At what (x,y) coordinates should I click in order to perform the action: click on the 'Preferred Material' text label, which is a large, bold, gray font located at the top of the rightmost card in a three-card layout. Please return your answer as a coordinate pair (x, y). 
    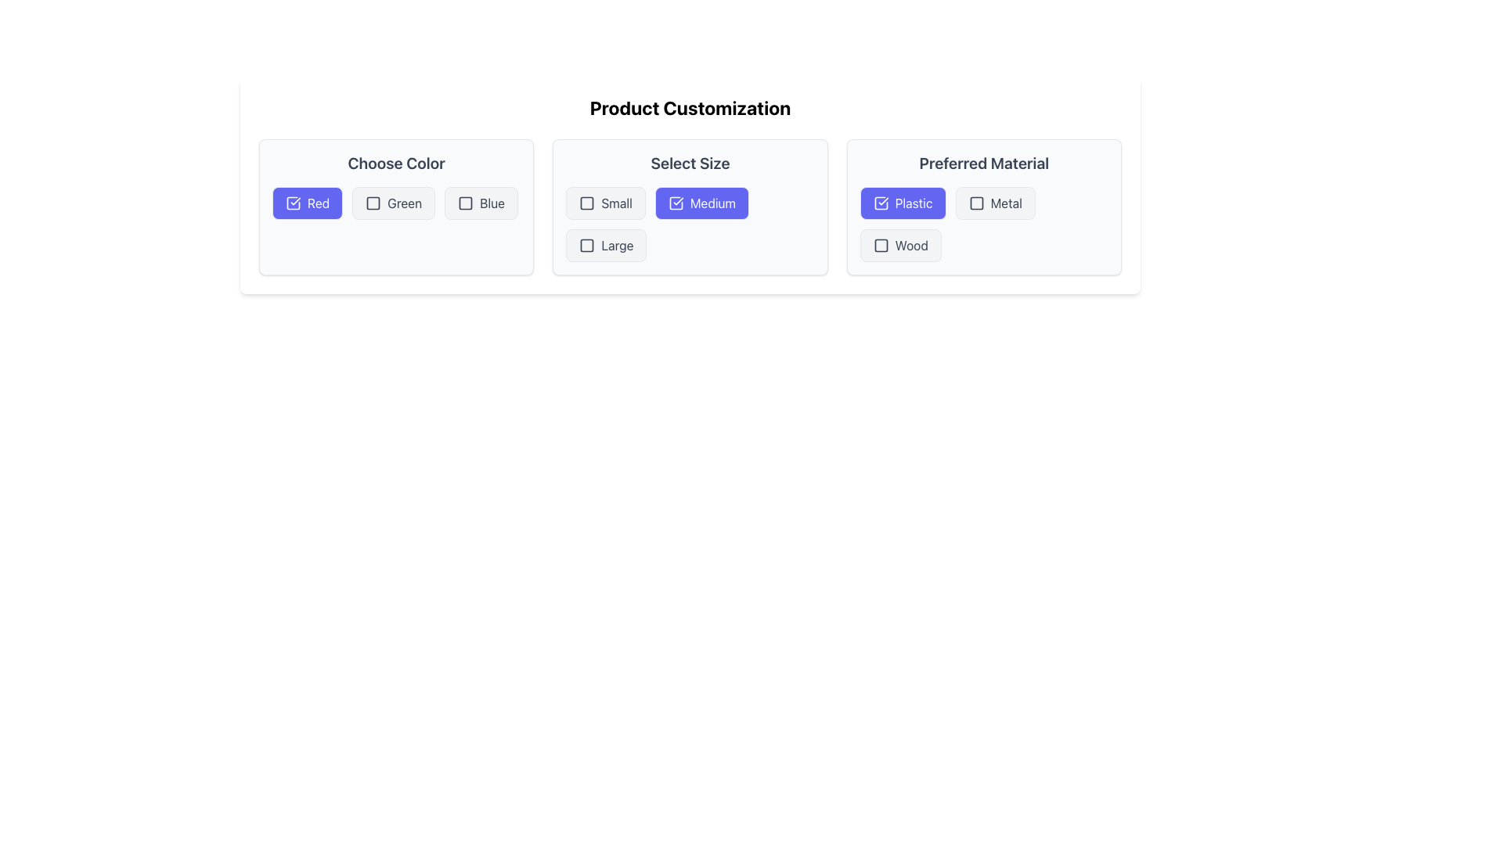
    Looking at the image, I should click on (983, 163).